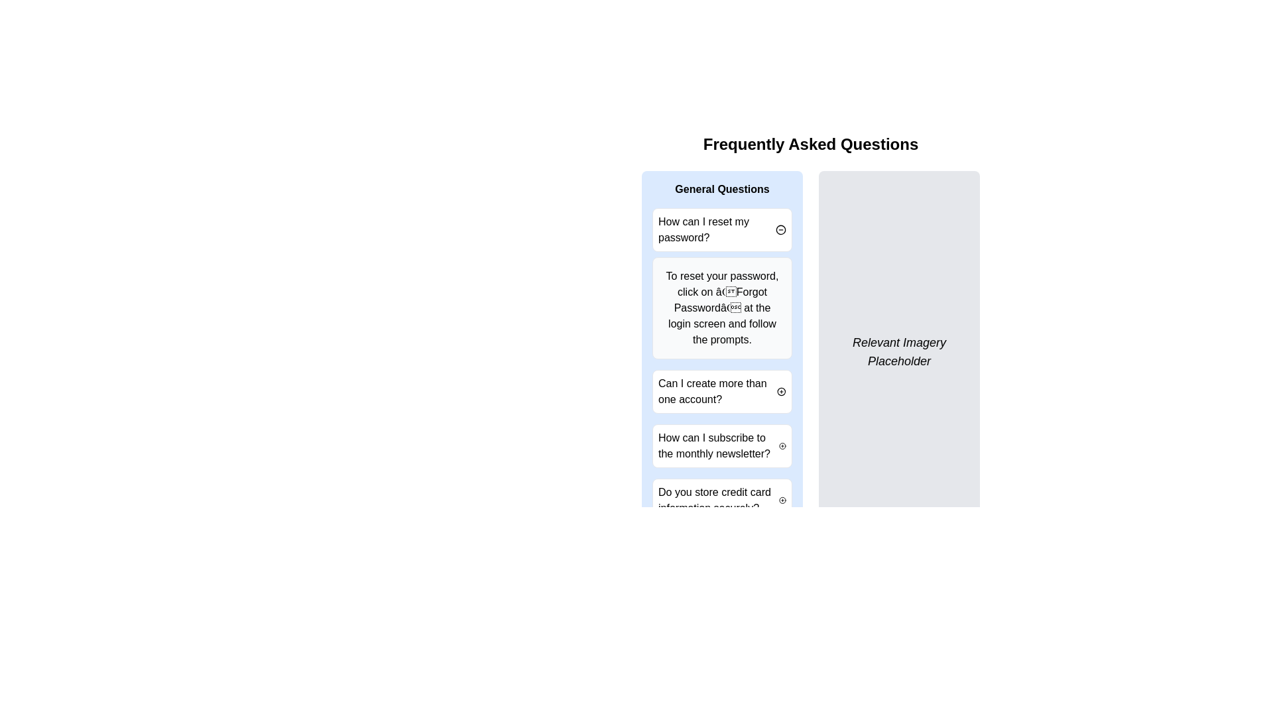  What do you see at coordinates (721, 308) in the screenshot?
I see `the Informational text box with instructions on resetting a password located under the 'How can I reset my password?' question in the FAQ section` at bounding box center [721, 308].